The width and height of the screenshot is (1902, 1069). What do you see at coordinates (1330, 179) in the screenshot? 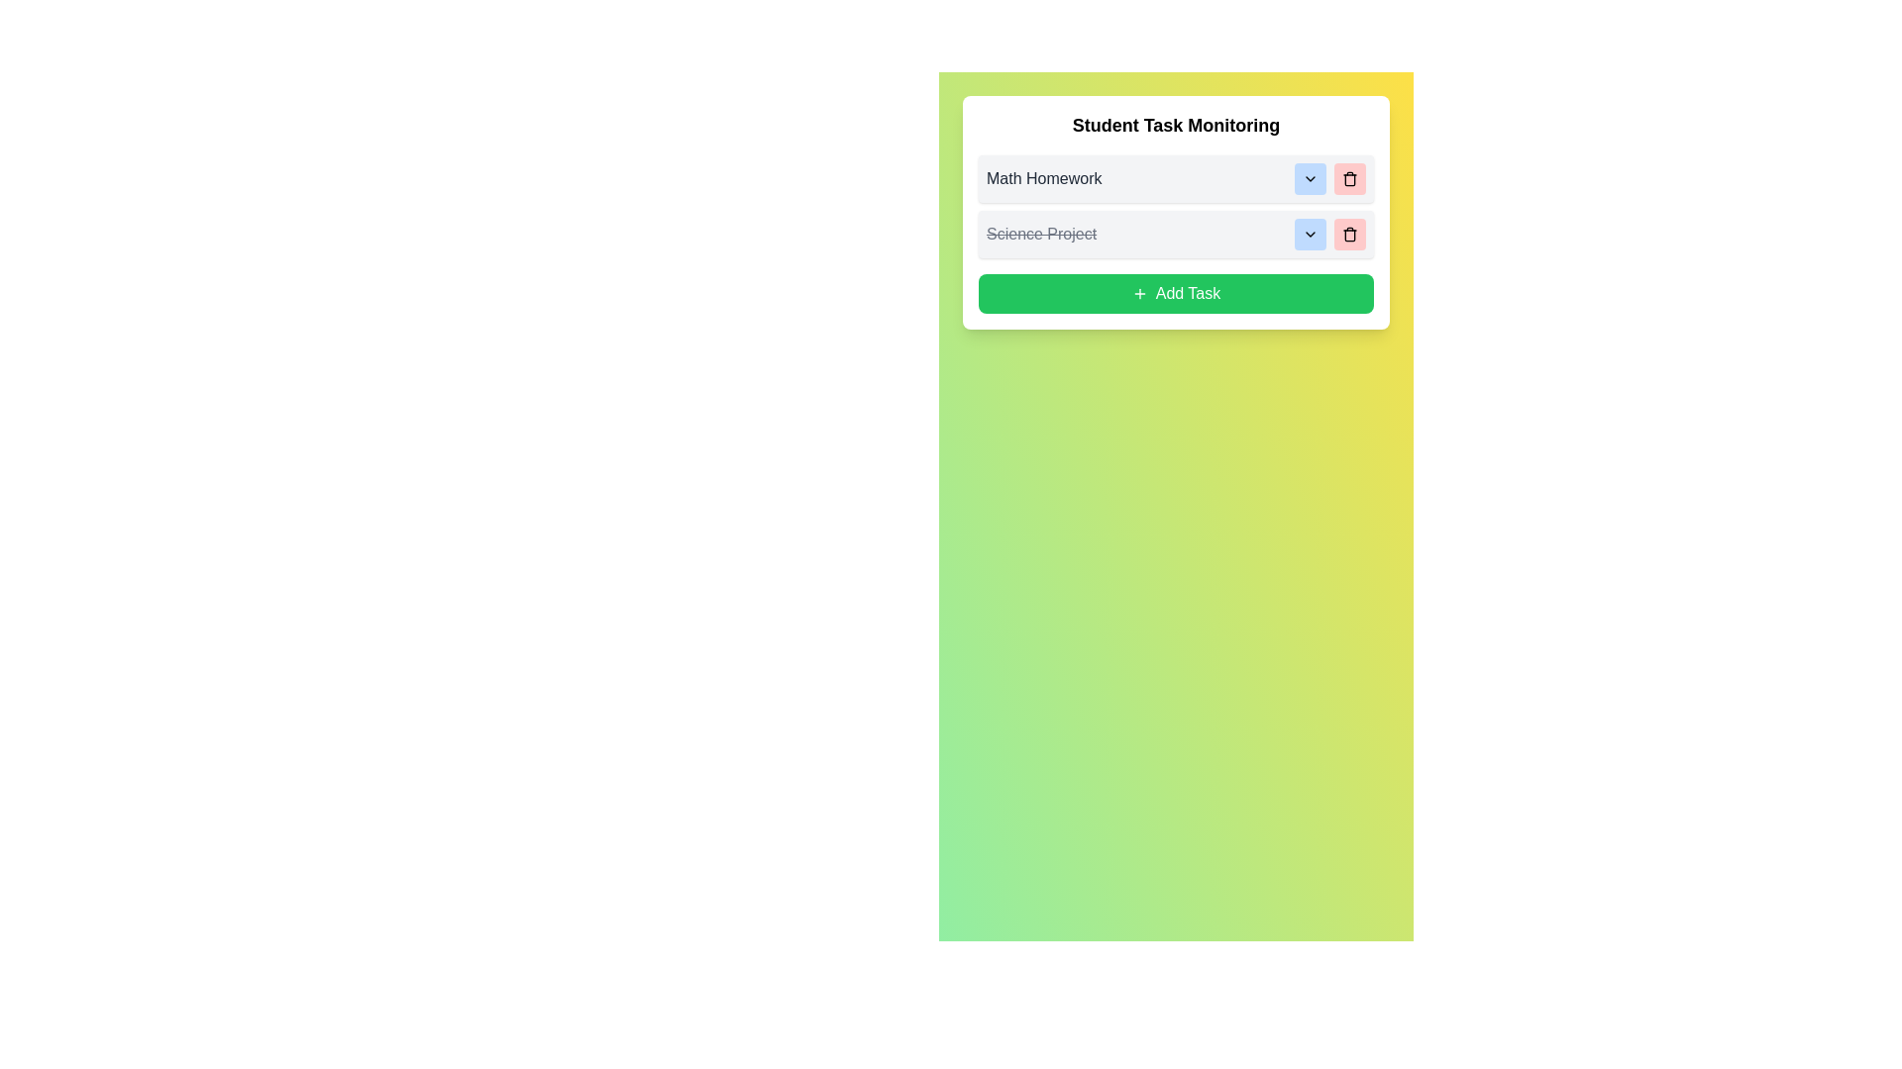
I see `the control panel containing the blue and red buttons for the 'Math Homework' task` at bounding box center [1330, 179].